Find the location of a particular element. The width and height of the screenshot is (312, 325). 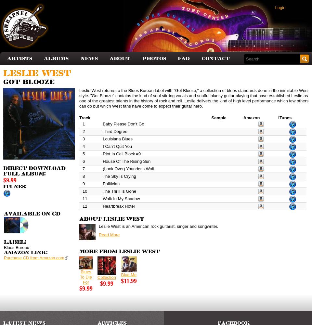

'4' is located at coordinates (82, 146).